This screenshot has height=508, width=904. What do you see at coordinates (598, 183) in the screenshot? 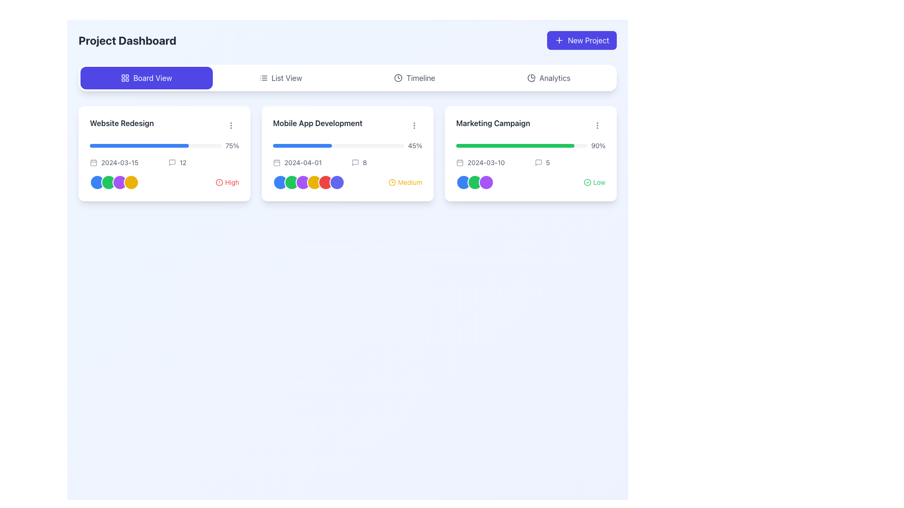
I see `the 'Low' text label element, which is styled in a small font with a green color and indicates a status or category in the interface` at bounding box center [598, 183].